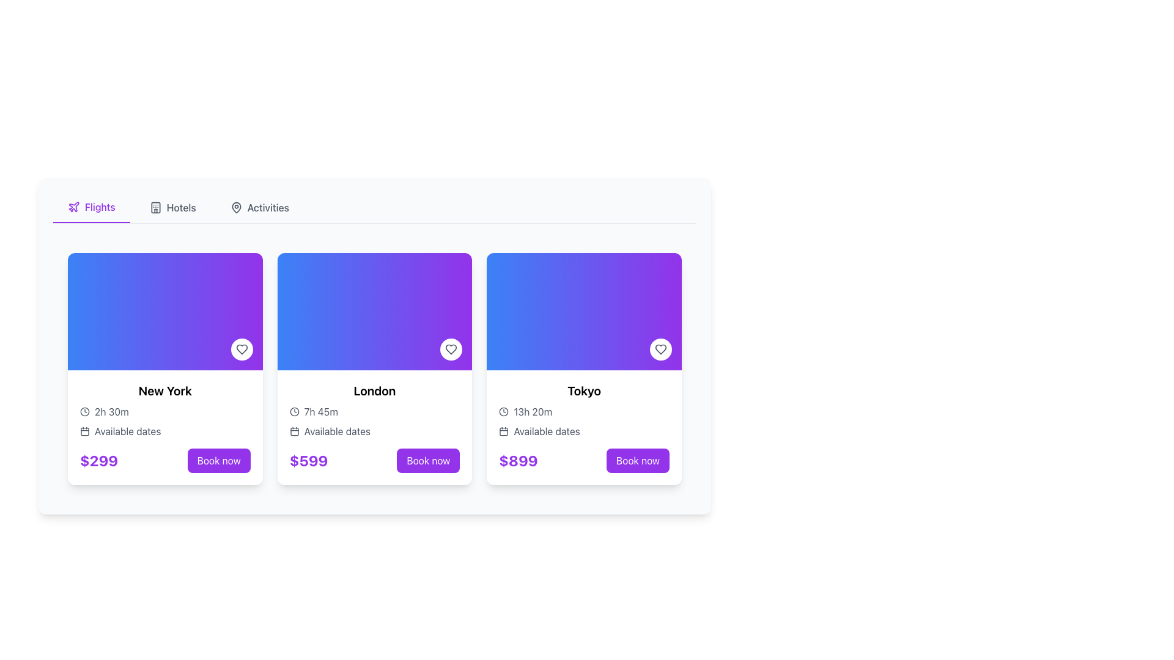 The height and width of the screenshot is (660, 1174). What do you see at coordinates (236, 207) in the screenshot?
I see `the 'Activities' section icon in the top navigation bar` at bounding box center [236, 207].